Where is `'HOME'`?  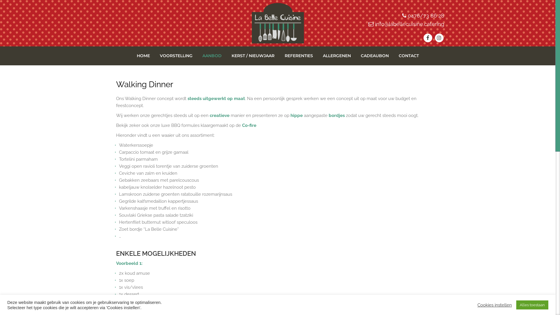 'HOME' is located at coordinates (143, 56).